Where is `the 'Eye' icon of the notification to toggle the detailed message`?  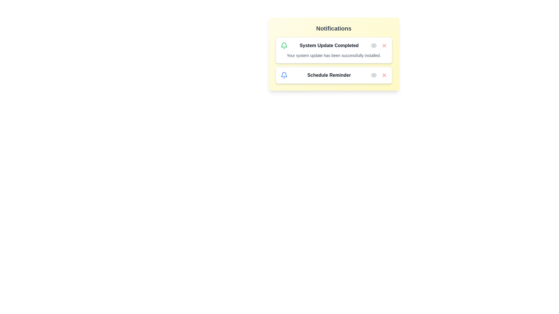
the 'Eye' icon of the notification to toggle the detailed message is located at coordinates (374, 45).